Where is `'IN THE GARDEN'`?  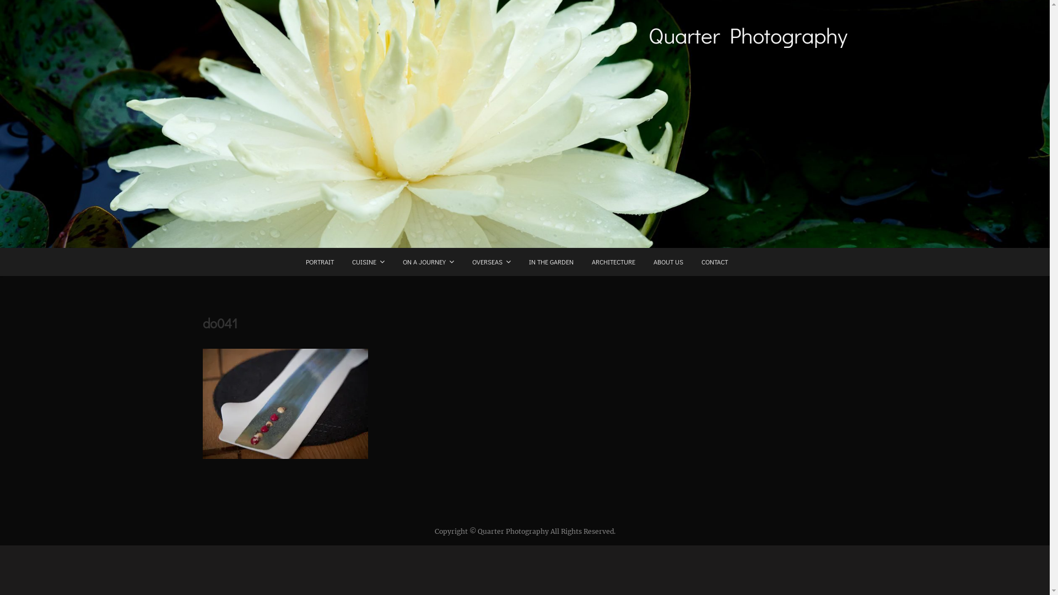 'IN THE GARDEN' is located at coordinates (550, 262).